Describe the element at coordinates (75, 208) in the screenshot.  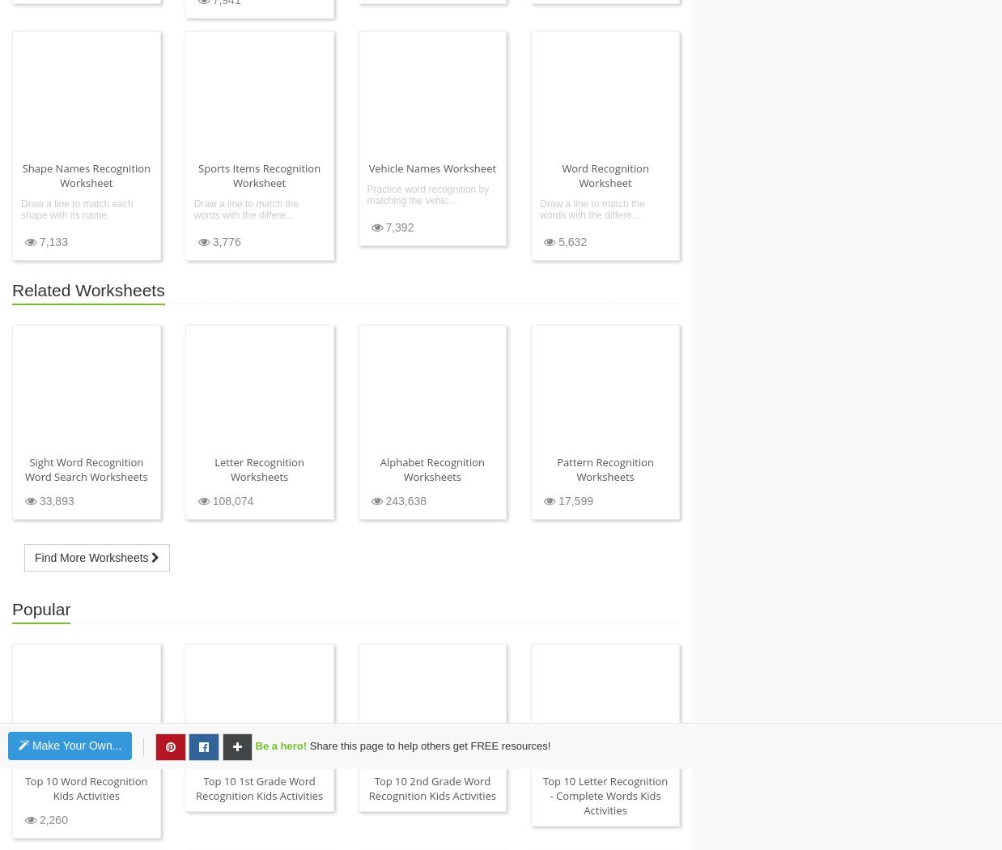
I see `'Draw a line to match each shape with its name.'` at that location.